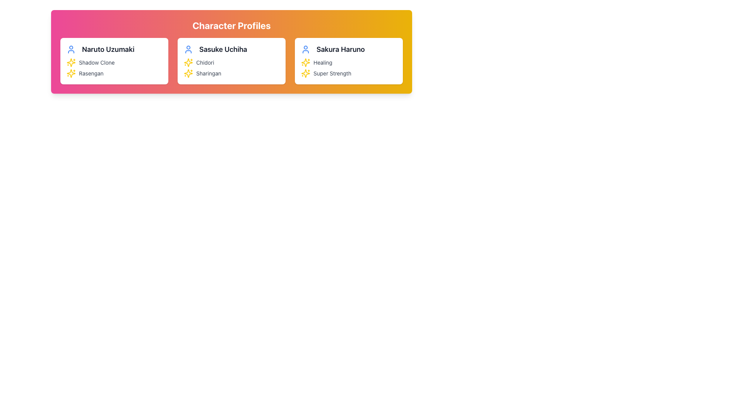  I want to click on the text label that displays 'Sasuke Uchiha', which is styled in bold and larger font, located in the central profile card below the blue user-icon glyph, so click(231, 49).